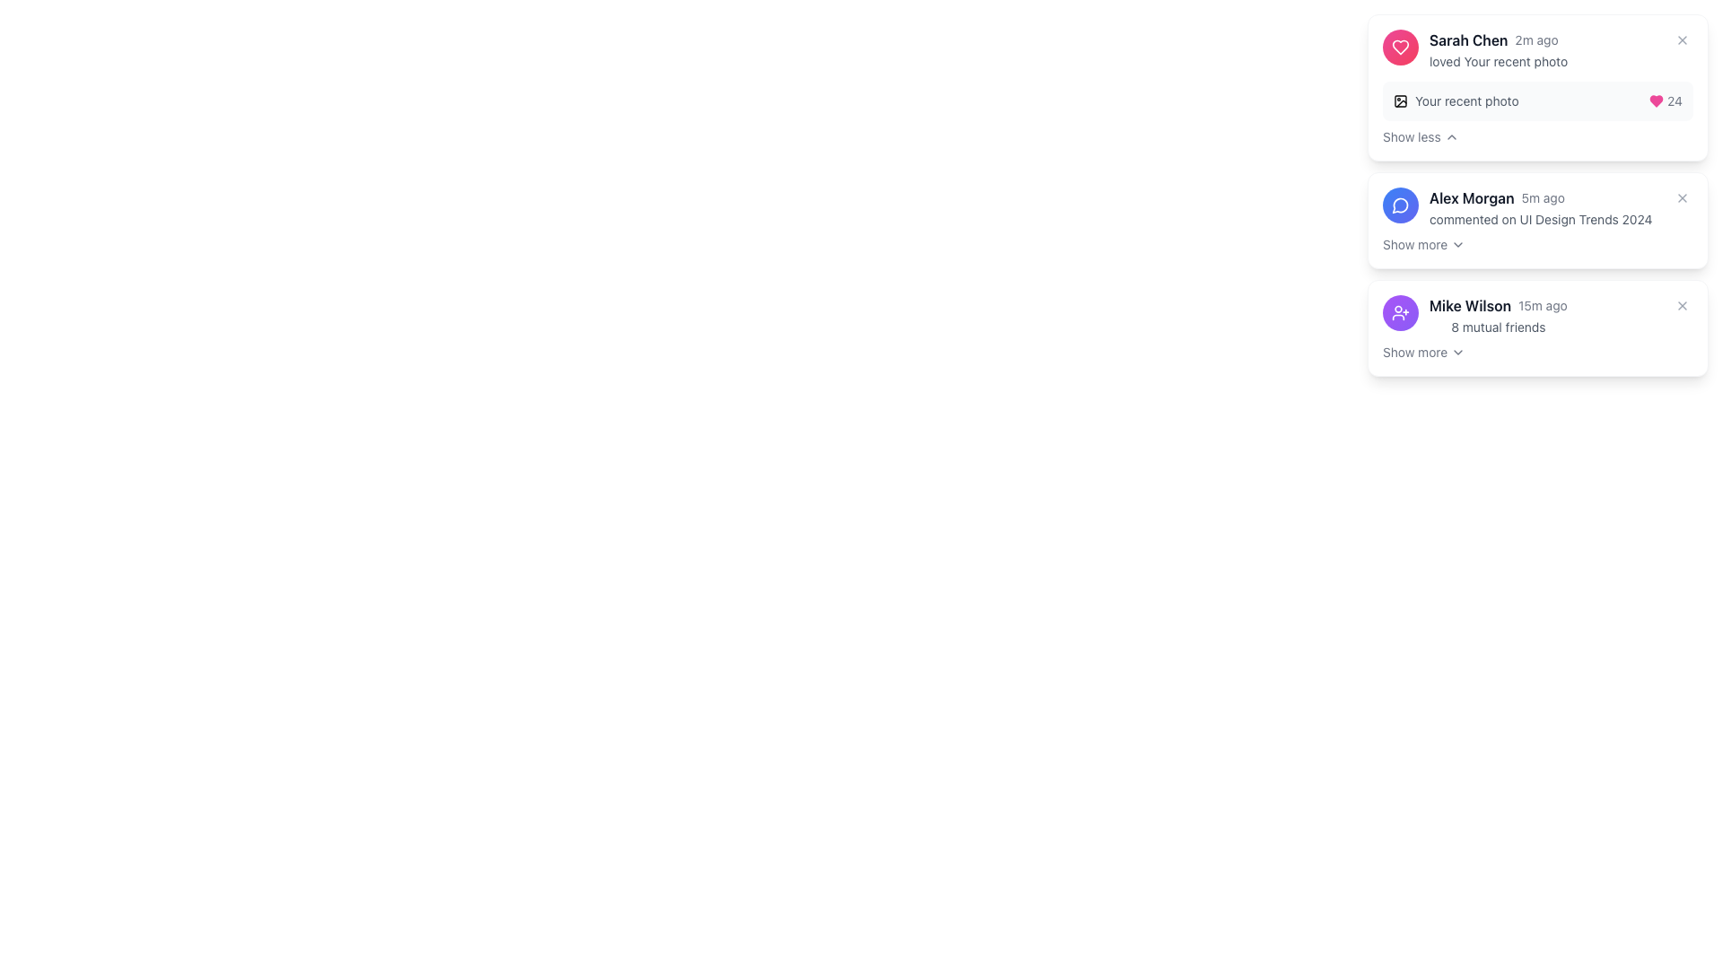 The height and width of the screenshot is (969, 1723). What do you see at coordinates (1517, 206) in the screenshot?
I see `the notification related to 'UI Design Trends 2024' by Alex Morgan` at bounding box center [1517, 206].